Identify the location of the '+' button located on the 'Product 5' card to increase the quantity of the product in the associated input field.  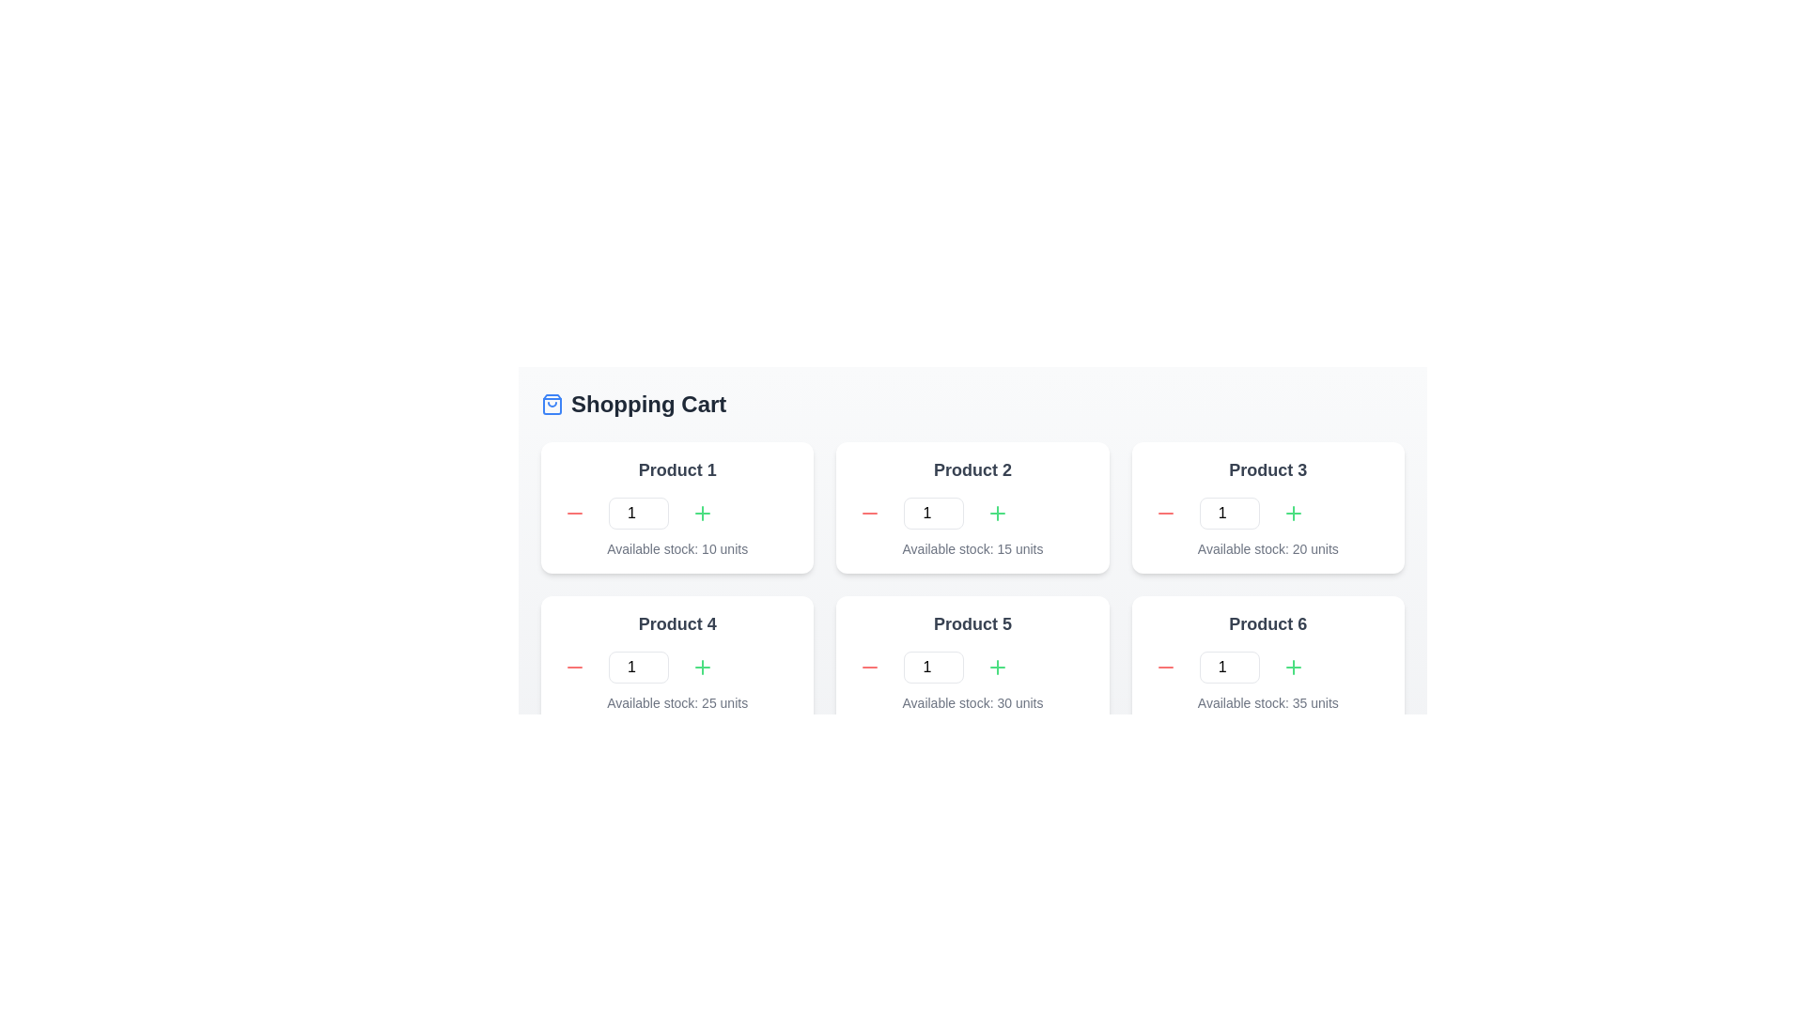
(997, 666).